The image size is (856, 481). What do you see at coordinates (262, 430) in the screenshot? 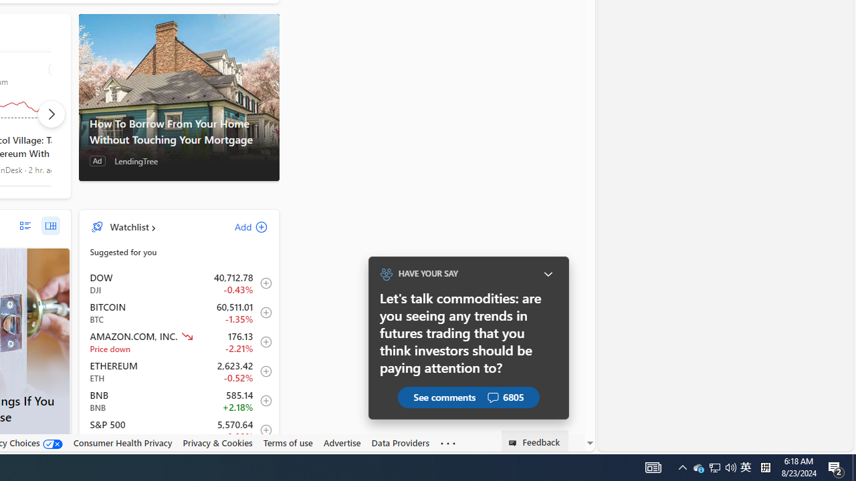
I see `'Add to Watchlist'` at bounding box center [262, 430].